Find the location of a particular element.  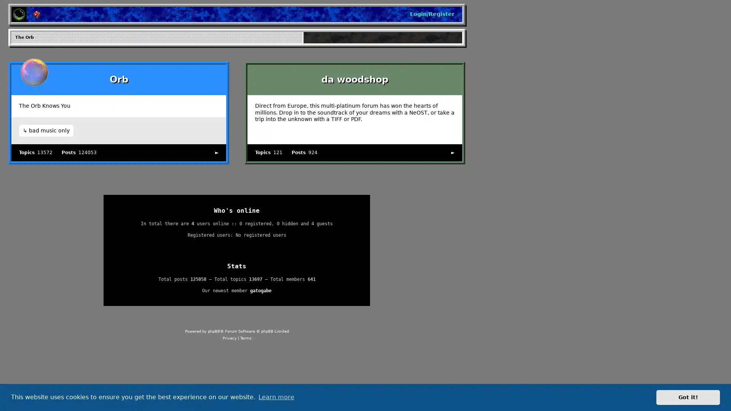

learn more about cookies is located at coordinates (276, 397).